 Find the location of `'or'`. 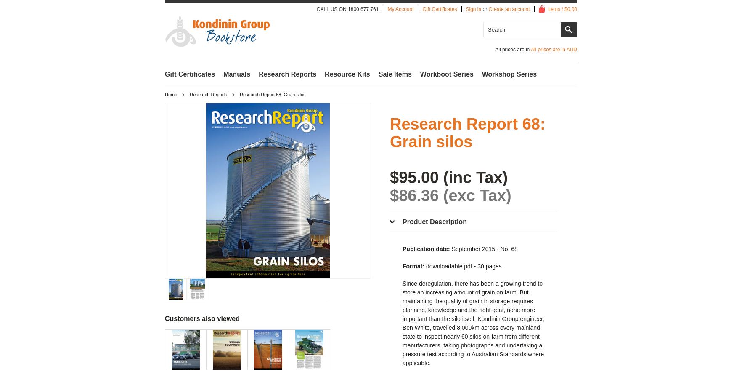

'or' is located at coordinates (485, 9).